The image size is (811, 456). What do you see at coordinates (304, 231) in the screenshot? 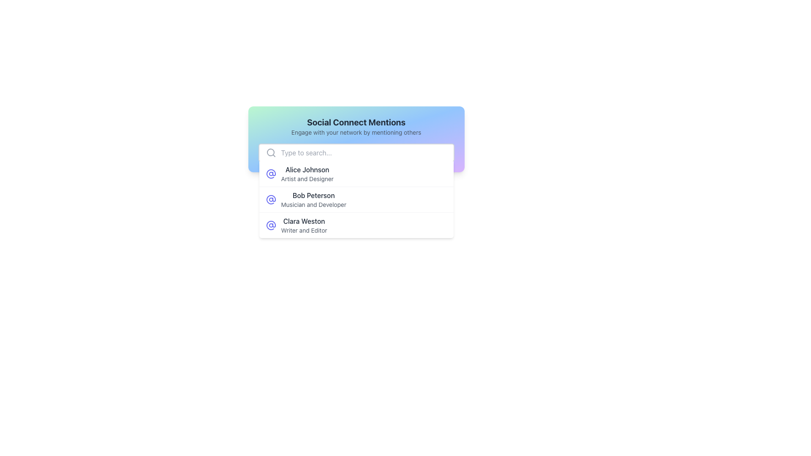
I see `the text label element displaying 'Writer and Editor', which is styled in a gray font and positioned below 'Clara Weston' in the user profile dropdown menu` at bounding box center [304, 231].